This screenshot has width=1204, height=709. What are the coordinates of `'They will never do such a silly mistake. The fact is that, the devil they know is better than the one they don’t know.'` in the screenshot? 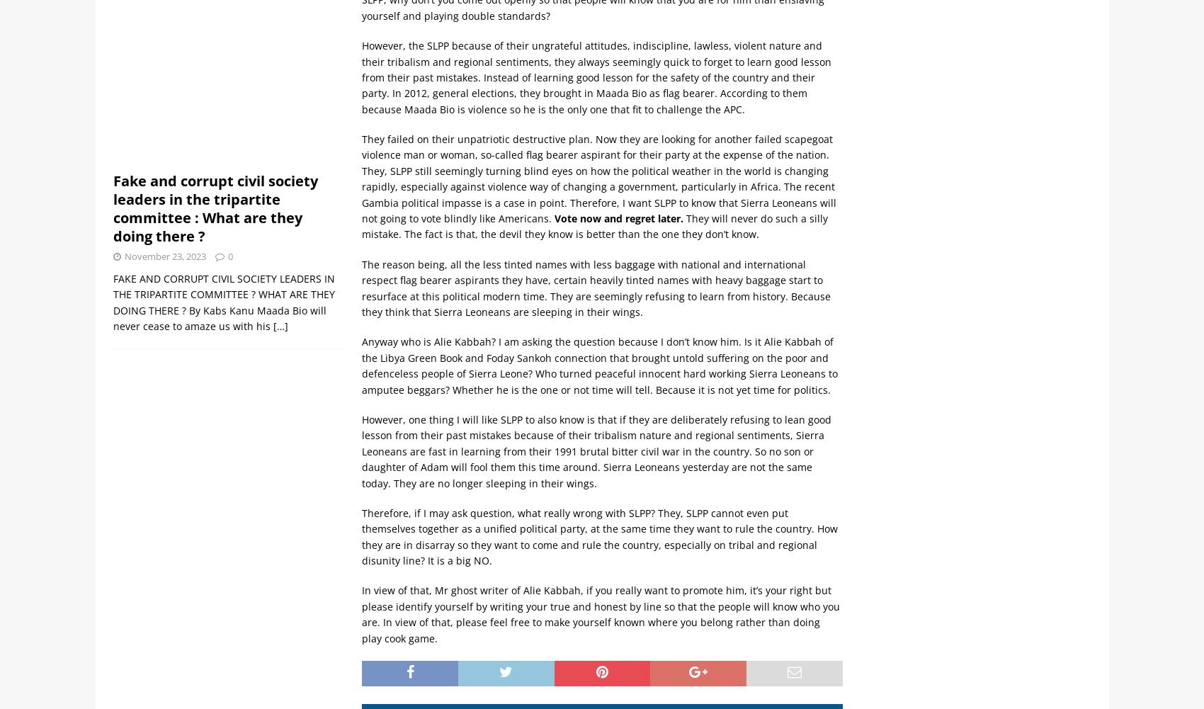 It's located at (594, 226).